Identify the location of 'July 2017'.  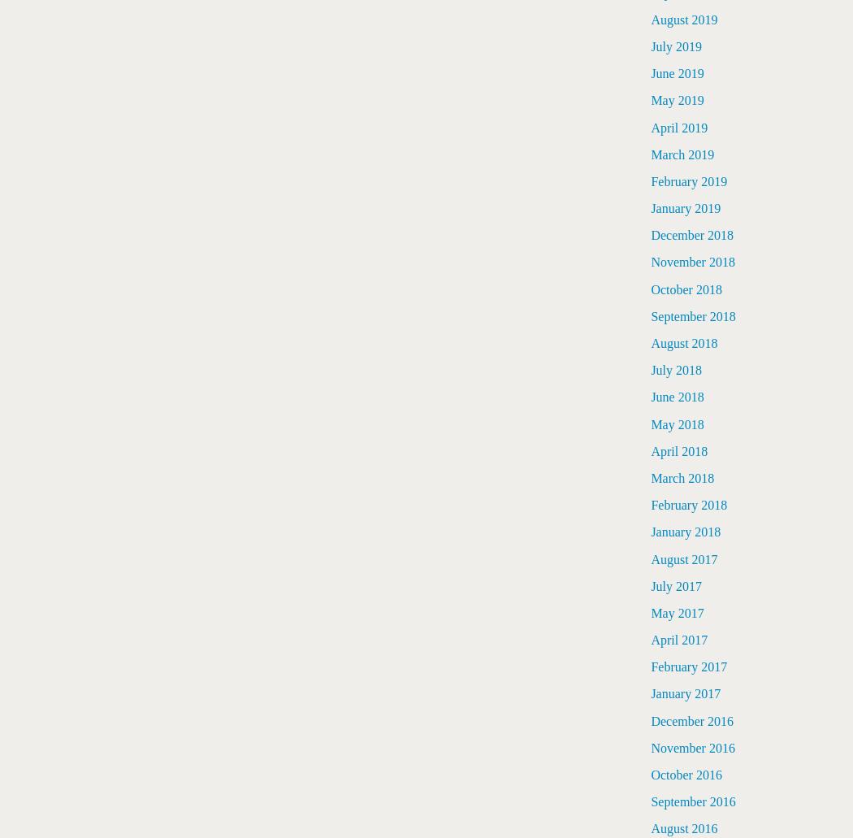
(650, 585).